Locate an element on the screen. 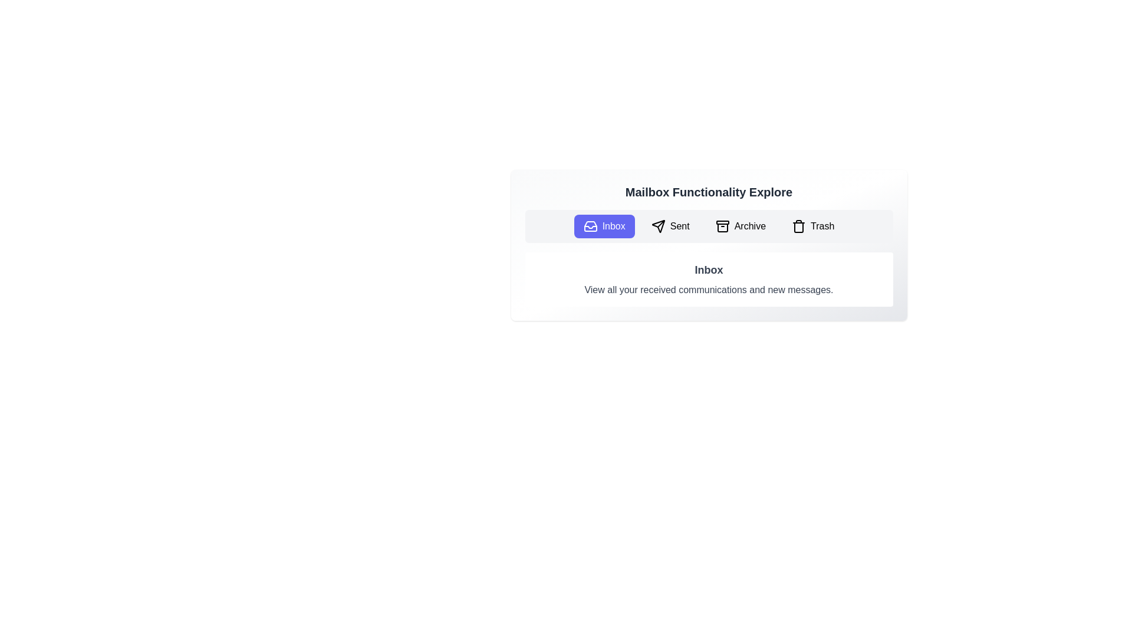 The height and width of the screenshot is (637, 1132). the Inbox tab is located at coordinates (604, 226).